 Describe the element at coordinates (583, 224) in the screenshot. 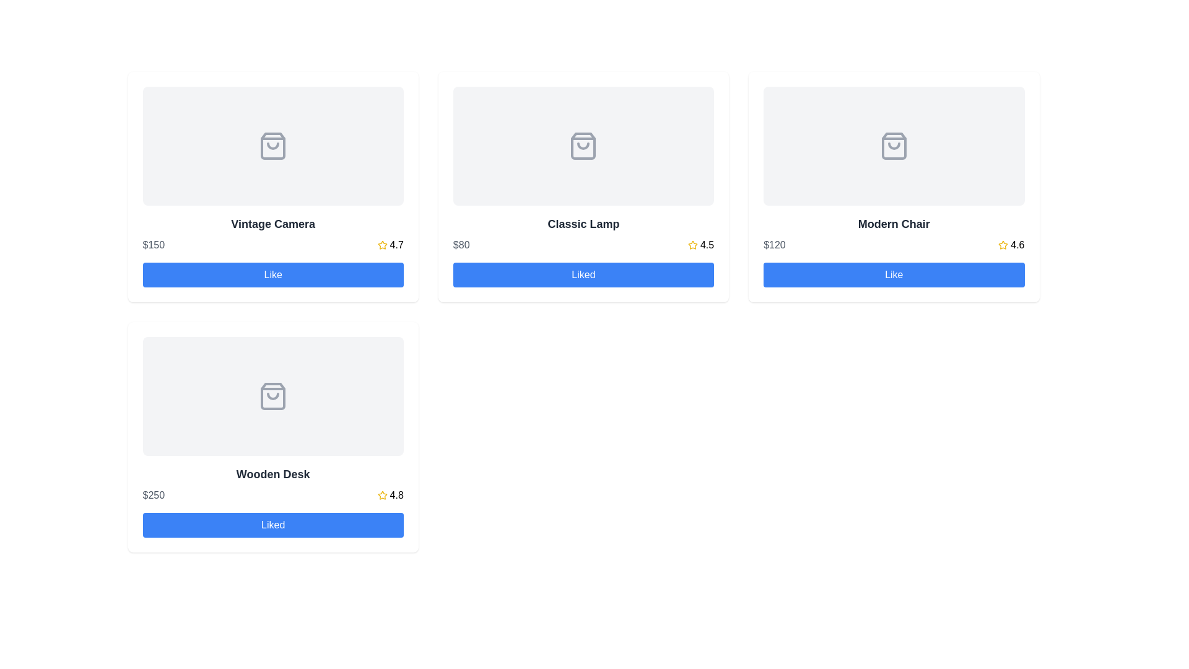

I see `text 'Classic Lamp' which is displayed in a large, bold font and dark gray color, centered within a card component above the '$80' price text` at that location.